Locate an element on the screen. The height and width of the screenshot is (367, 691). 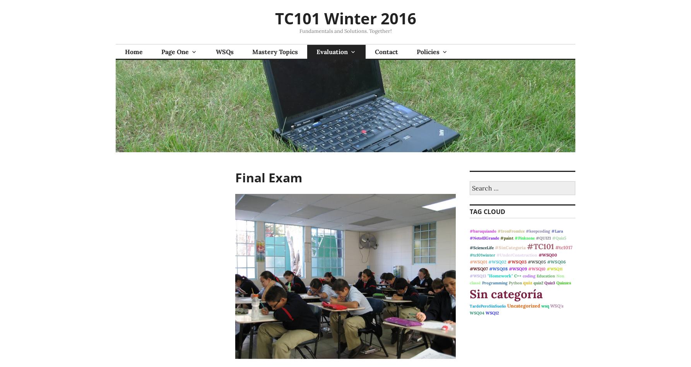
'#UnderConstruction' is located at coordinates (517, 255).